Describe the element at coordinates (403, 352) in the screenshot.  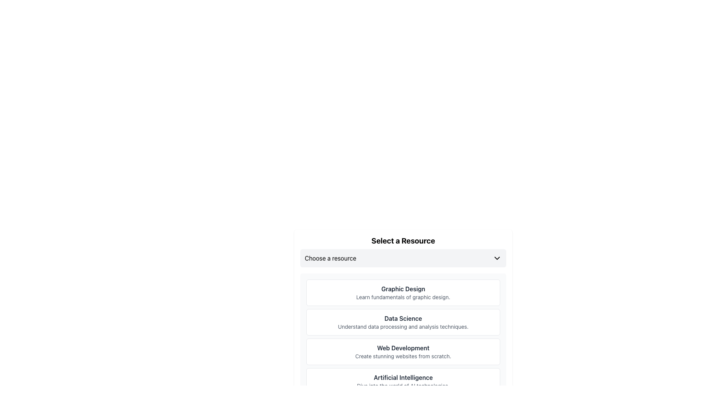
I see `the 'Web Development' option selector tile` at that location.